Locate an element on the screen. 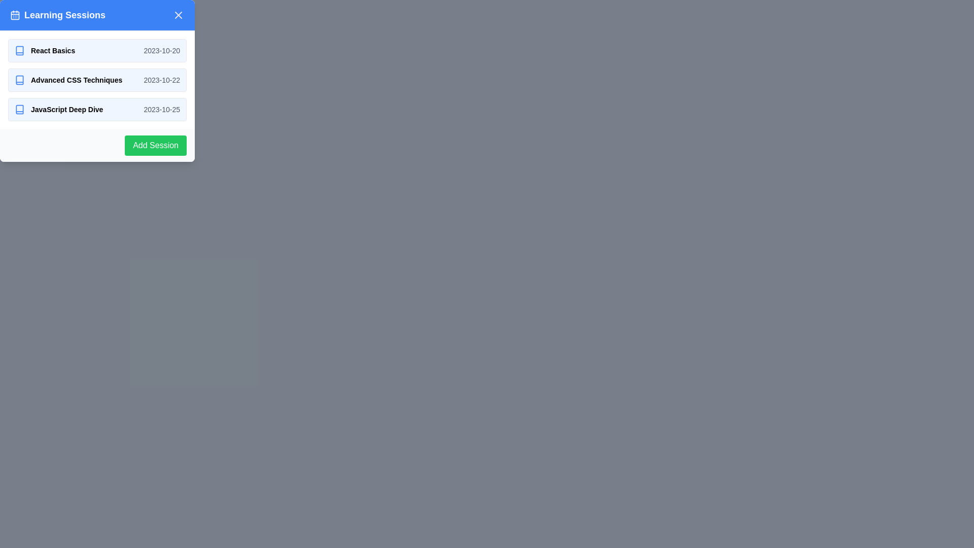  the calendar icon located at the very left of the 'Learning Sessions' title bar is located at coordinates (15, 15).